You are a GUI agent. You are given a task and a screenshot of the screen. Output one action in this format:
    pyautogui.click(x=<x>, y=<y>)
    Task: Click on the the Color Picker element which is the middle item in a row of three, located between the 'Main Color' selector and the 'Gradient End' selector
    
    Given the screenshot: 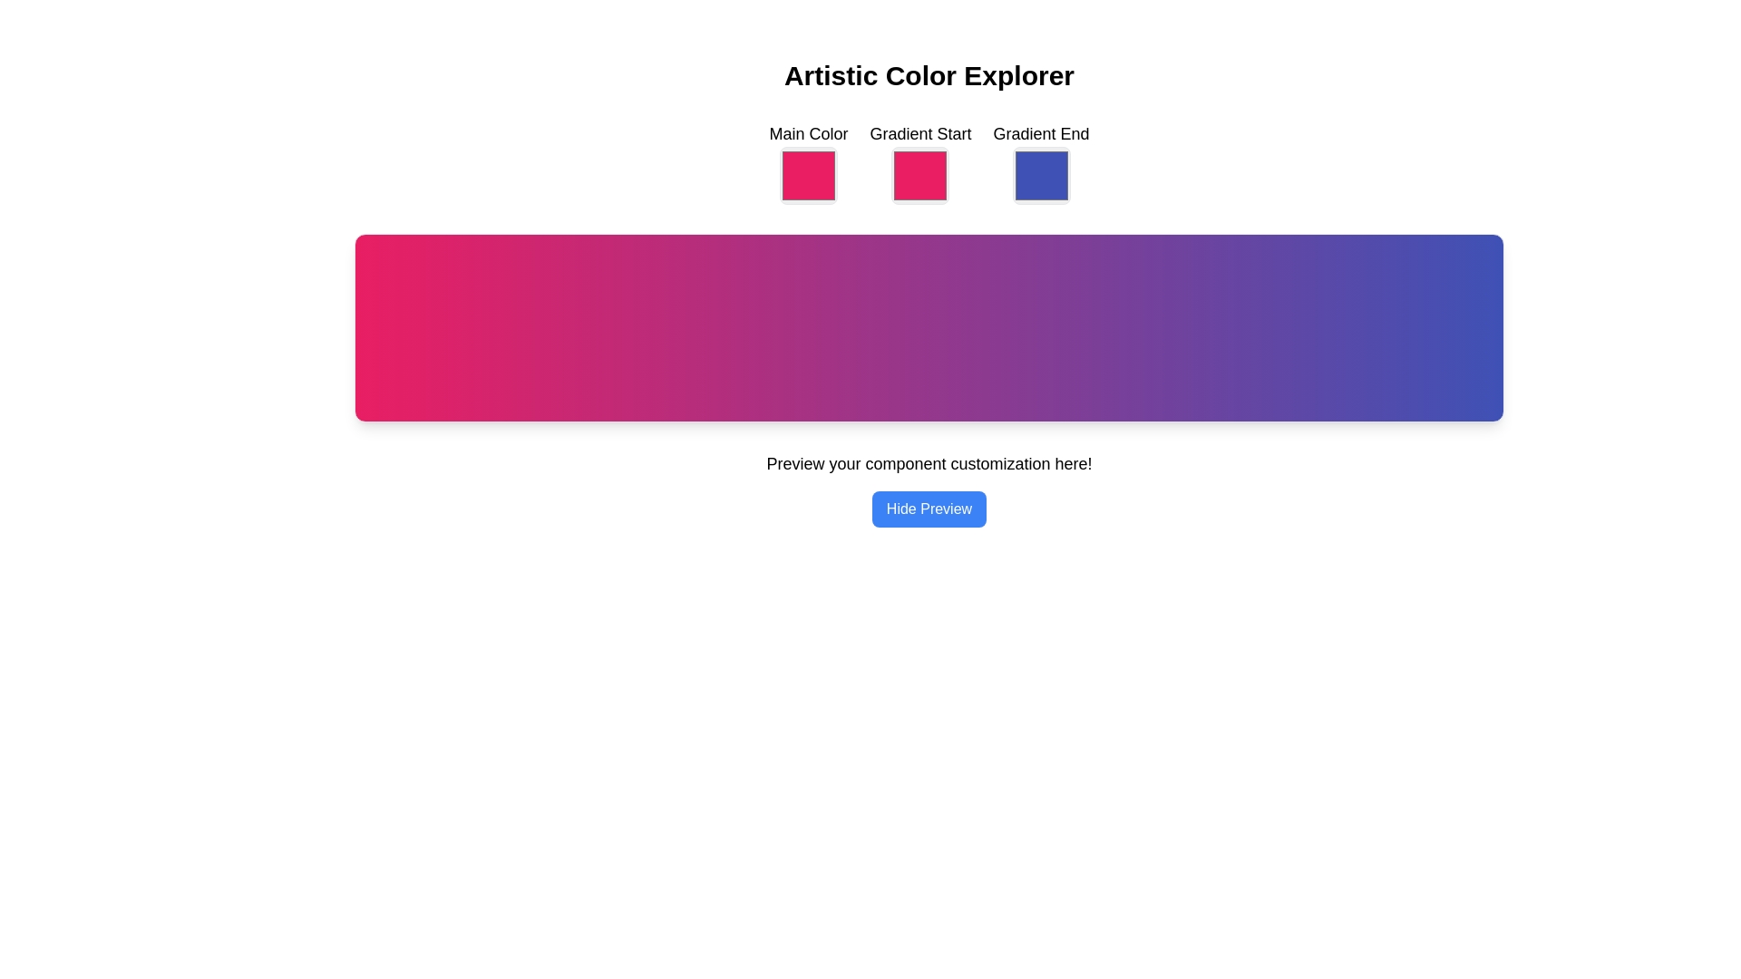 What is the action you would take?
    pyautogui.click(x=920, y=163)
    